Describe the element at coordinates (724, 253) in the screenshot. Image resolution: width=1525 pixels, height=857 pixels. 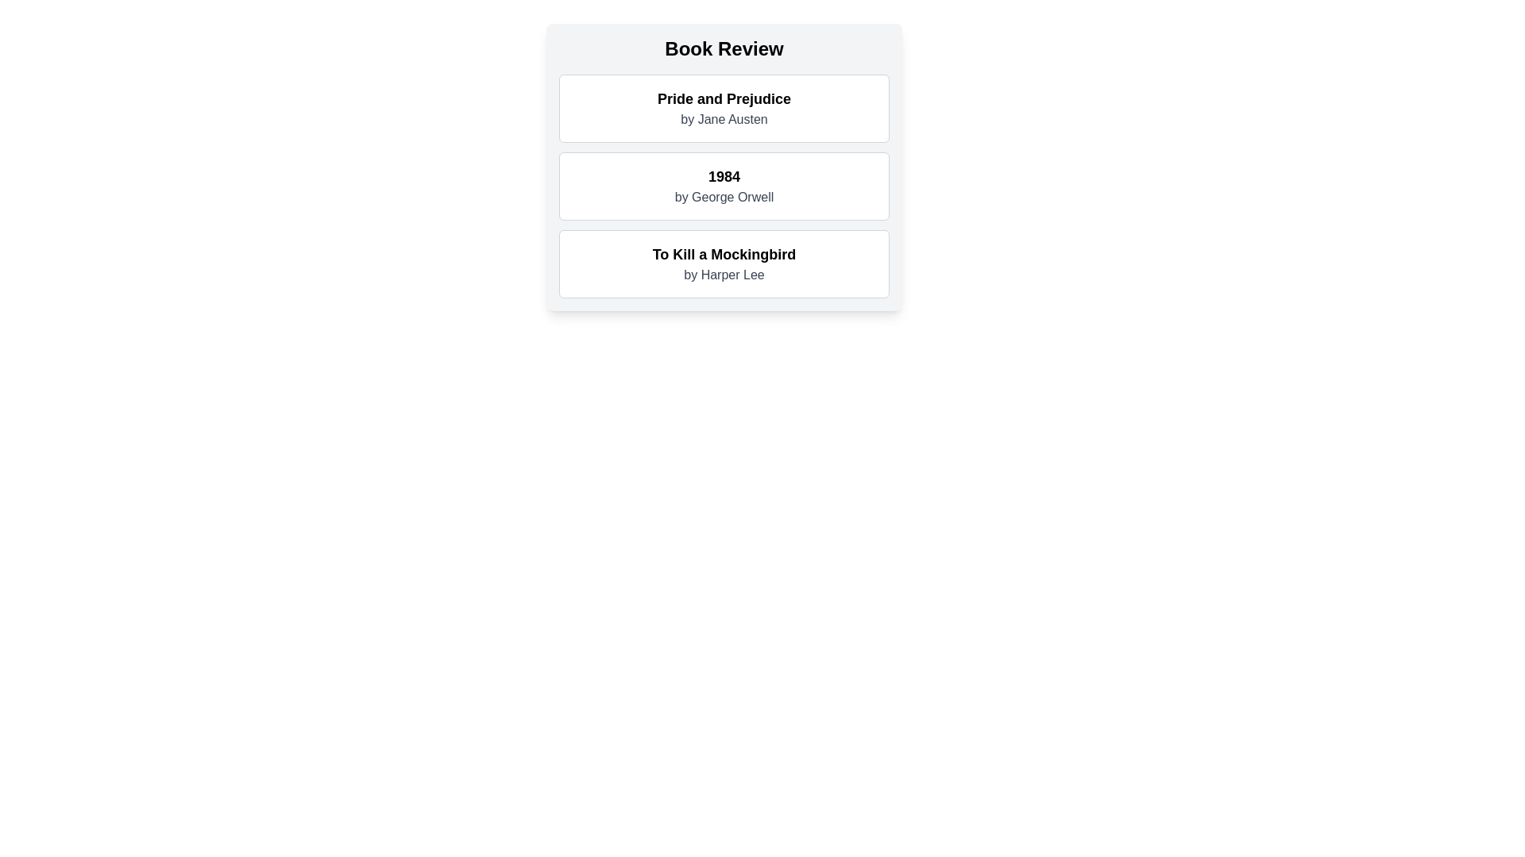
I see `the bold text header 'To Kill a Mockingbird' located at the bottom of the list, which is styled in a large font size` at that location.